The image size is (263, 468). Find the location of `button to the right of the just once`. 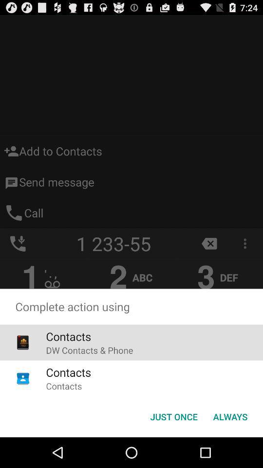

button to the right of the just once is located at coordinates (230, 416).